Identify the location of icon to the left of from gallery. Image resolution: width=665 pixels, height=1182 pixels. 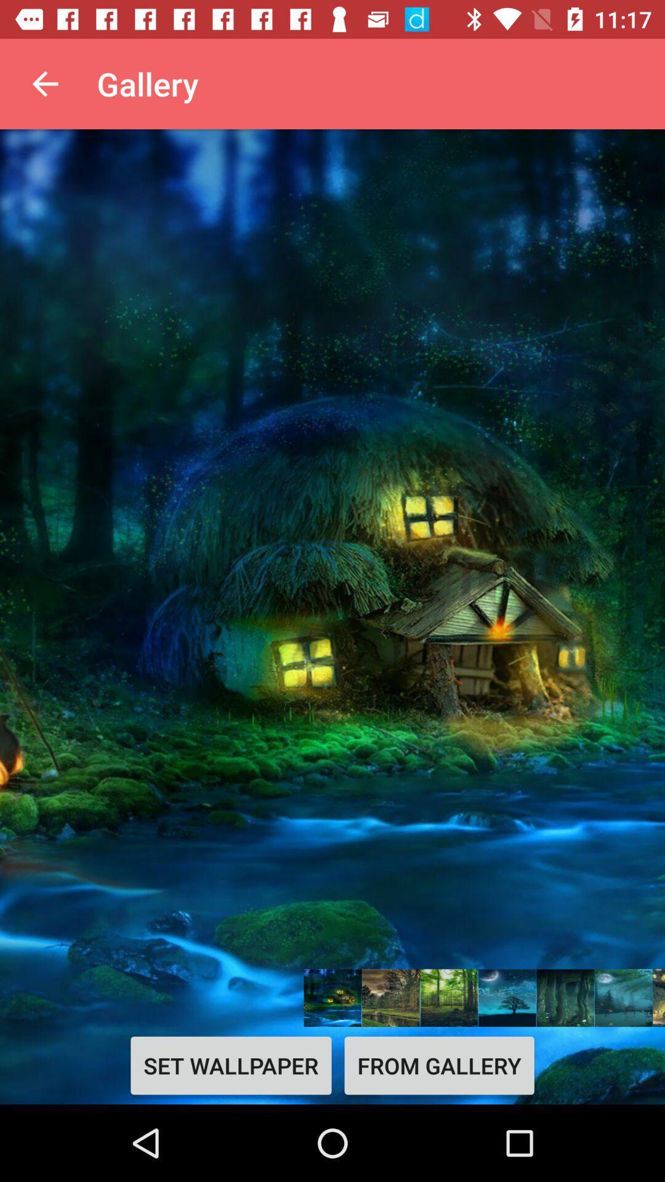
(231, 1065).